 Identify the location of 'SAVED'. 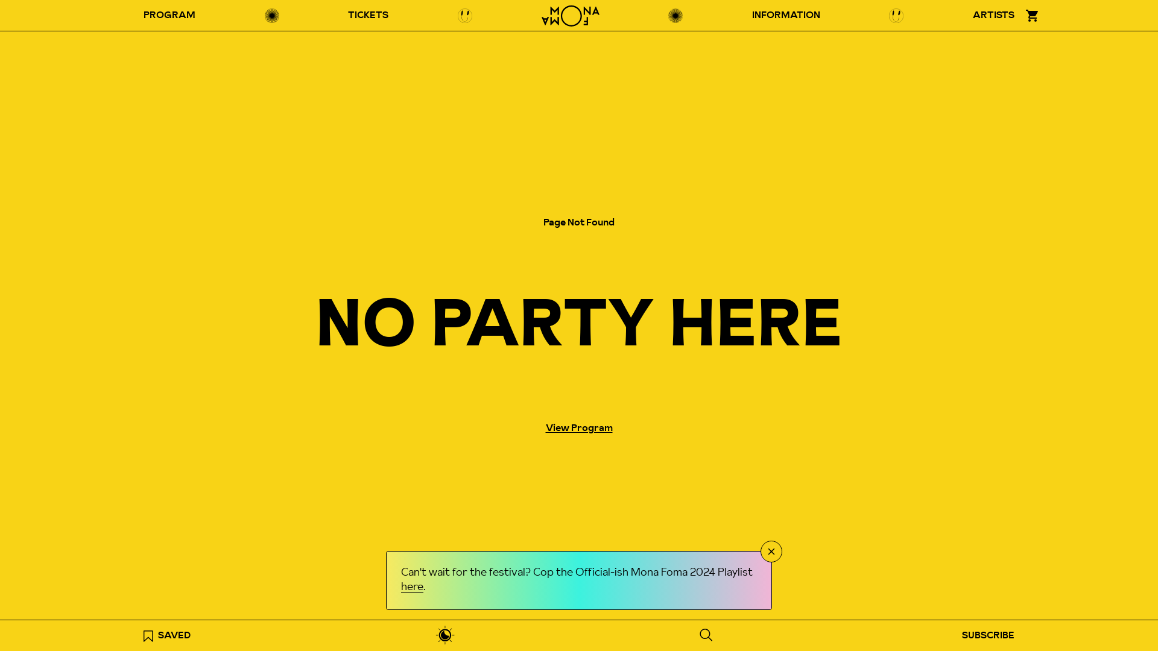
(166, 635).